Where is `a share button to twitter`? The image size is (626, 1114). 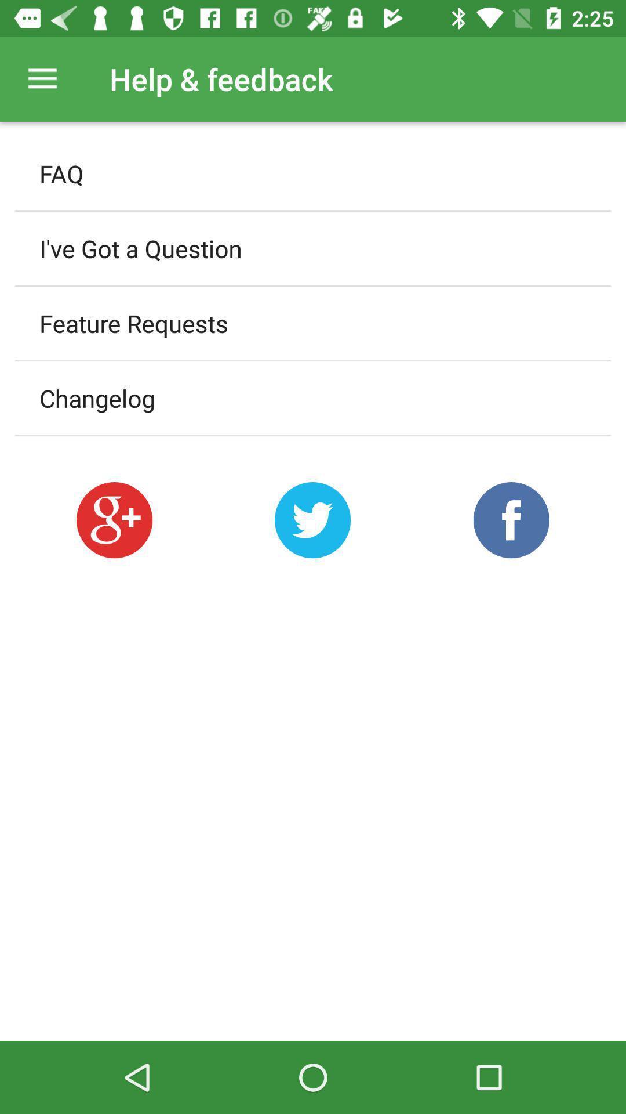 a share button to twitter is located at coordinates (312, 519).